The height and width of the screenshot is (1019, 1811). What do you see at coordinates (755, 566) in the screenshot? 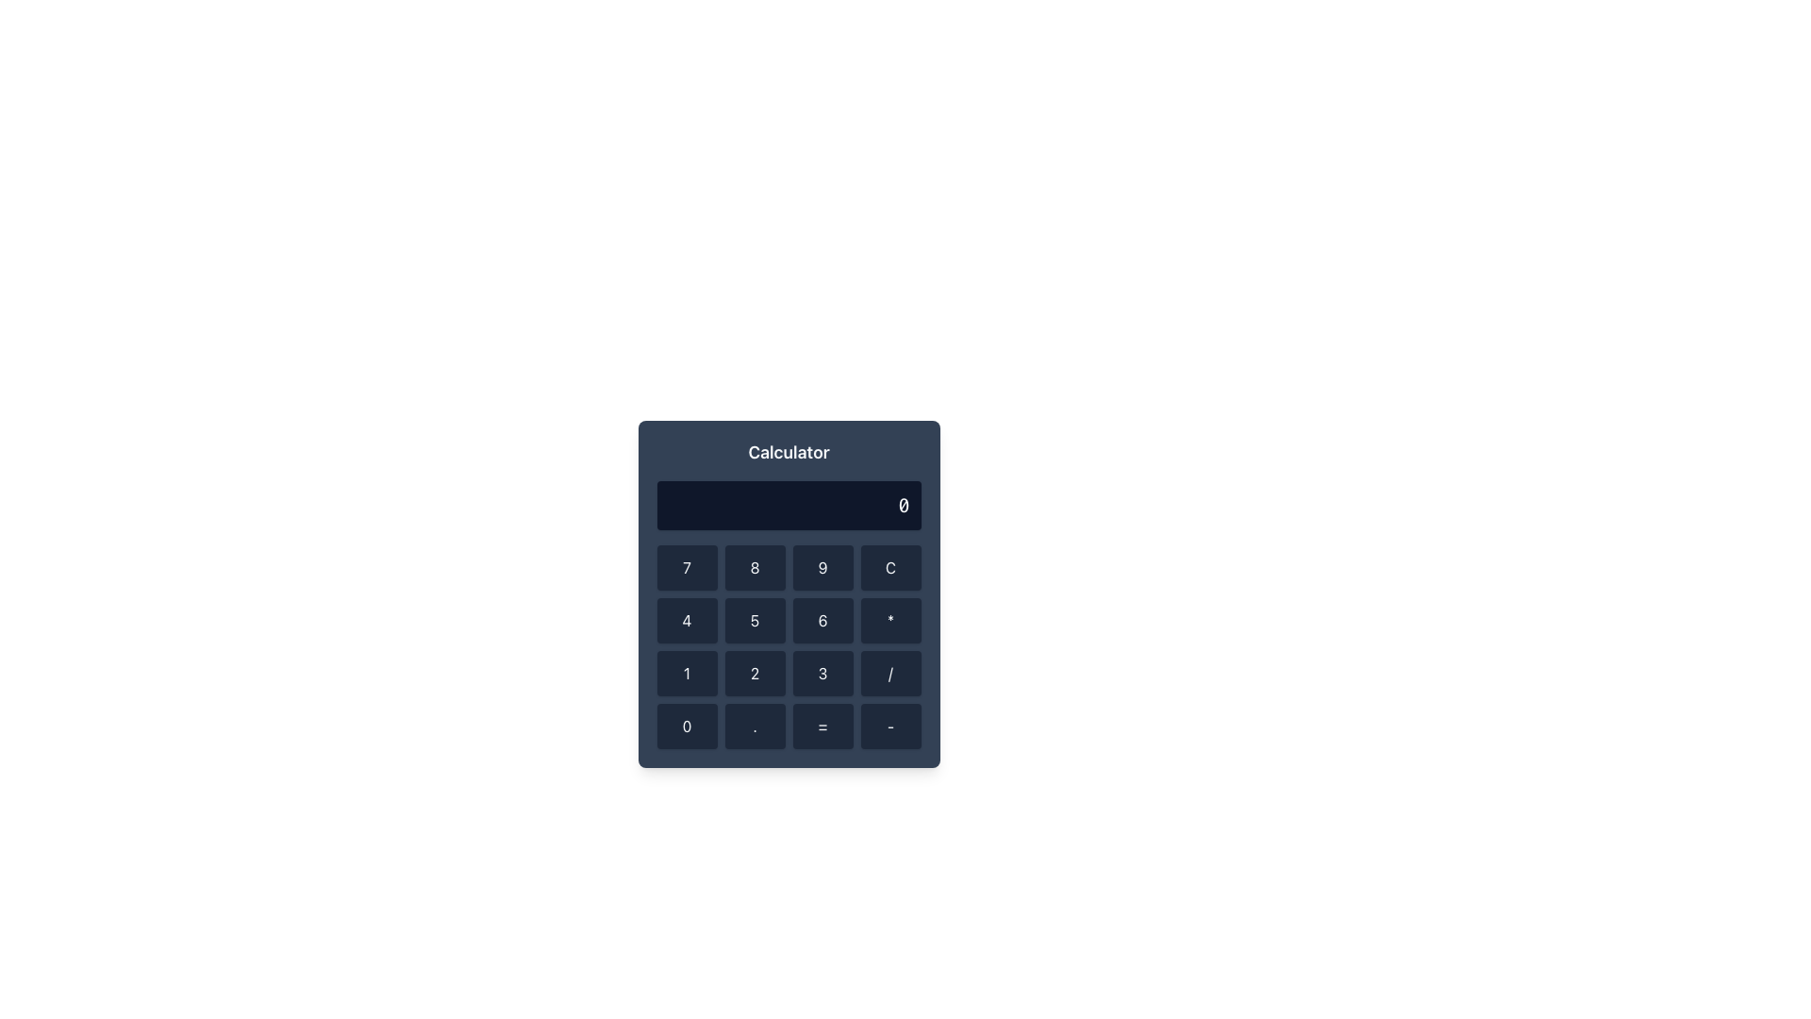
I see `the button displaying the number '8' with a dark background and rounded corners in the calculator interface to input '8'` at bounding box center [755, 566].